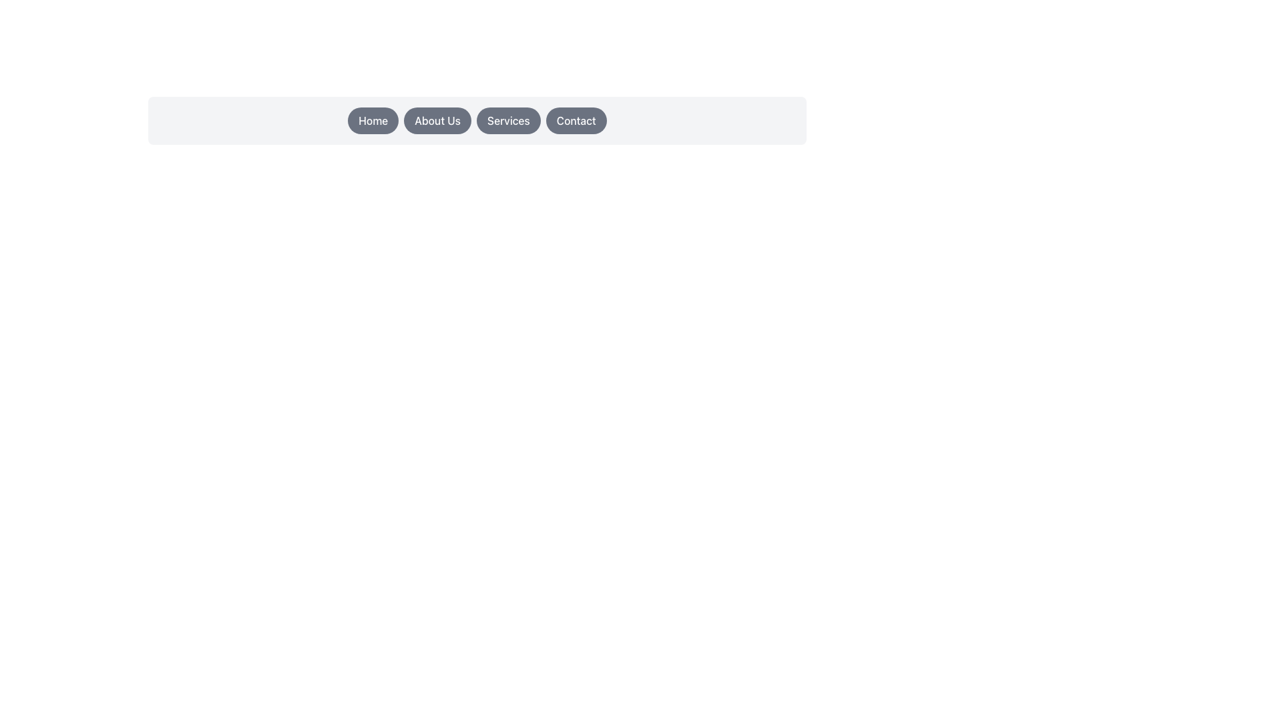 The height and width of the screenshot is (721, 1282). I want to click on the 'Services' navigation button, which is the third button in a row of four buttons labeled 'Home,' 'About Us,' 'Services,' and 'Contact', so click(507, 121).